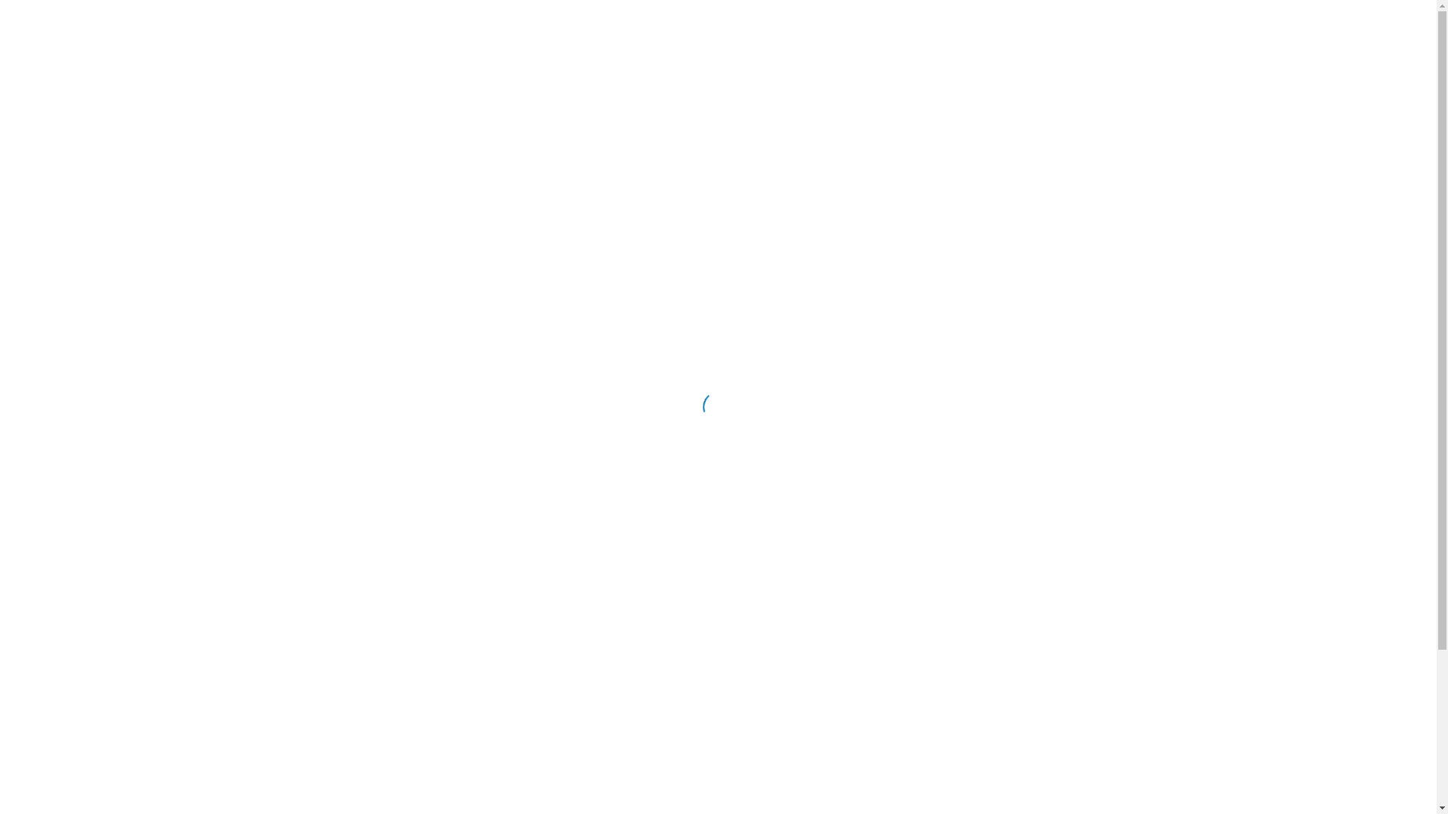  Describe the element at coordinates (1415, 23) in the screenshot. I see `'EN'` at that location.